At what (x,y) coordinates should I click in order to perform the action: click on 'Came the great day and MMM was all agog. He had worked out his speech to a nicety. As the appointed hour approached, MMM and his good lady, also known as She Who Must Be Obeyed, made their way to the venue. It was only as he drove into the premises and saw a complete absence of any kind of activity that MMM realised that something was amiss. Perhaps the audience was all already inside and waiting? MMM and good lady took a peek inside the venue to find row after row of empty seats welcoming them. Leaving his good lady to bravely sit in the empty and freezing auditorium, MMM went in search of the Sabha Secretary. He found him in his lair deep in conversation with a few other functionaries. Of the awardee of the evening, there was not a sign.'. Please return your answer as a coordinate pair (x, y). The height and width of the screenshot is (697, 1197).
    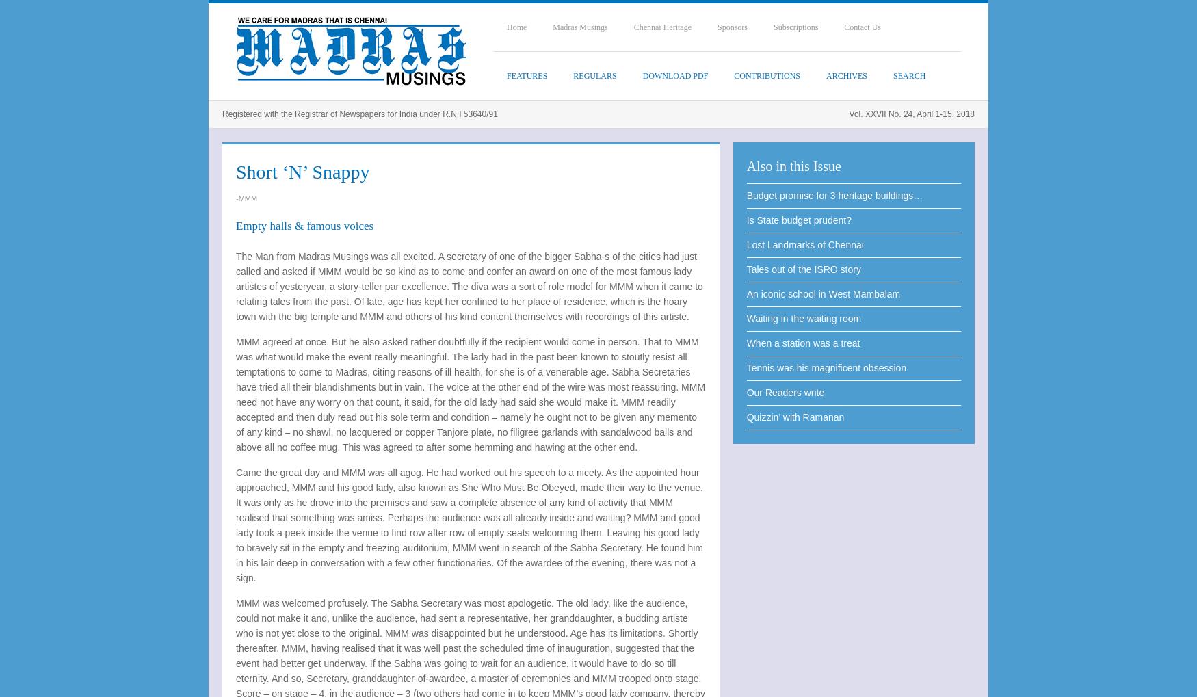
    Looking at the image, I should click on (469, 525).